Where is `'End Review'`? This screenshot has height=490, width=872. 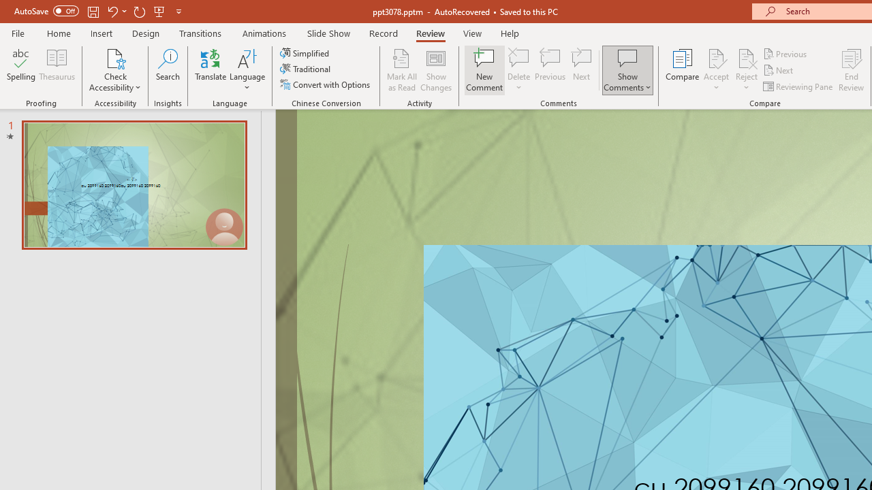 'End Review' is located at coordinates (850, 70).